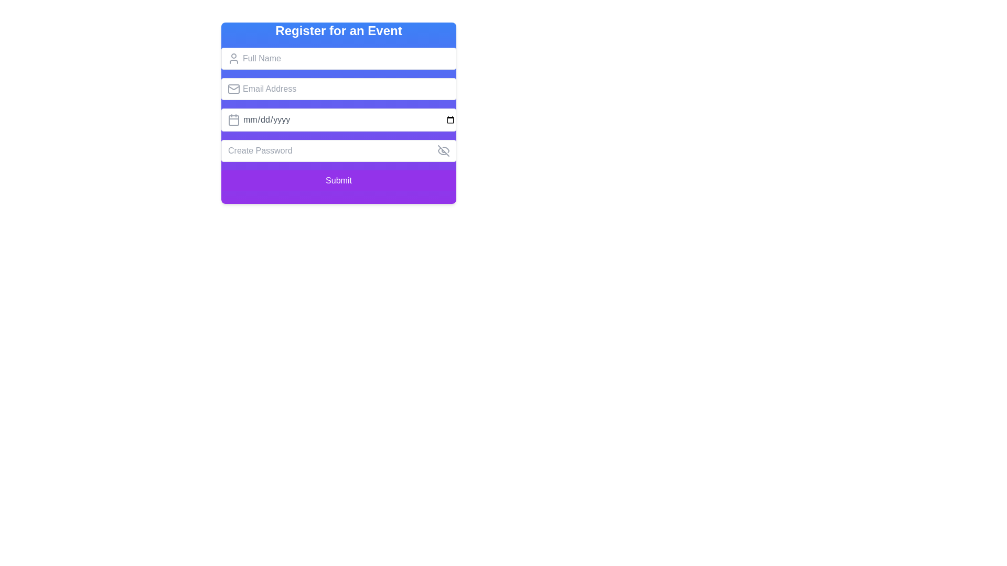 This screenshot has width=1007, height=566. Describe the element at coordinates (233, 86) in the screenshot. I see `the line graphic with a pointed arrow shape that represents an envelope fold, located within the mail icon to the left of the 'Email Address' text input` at that location.